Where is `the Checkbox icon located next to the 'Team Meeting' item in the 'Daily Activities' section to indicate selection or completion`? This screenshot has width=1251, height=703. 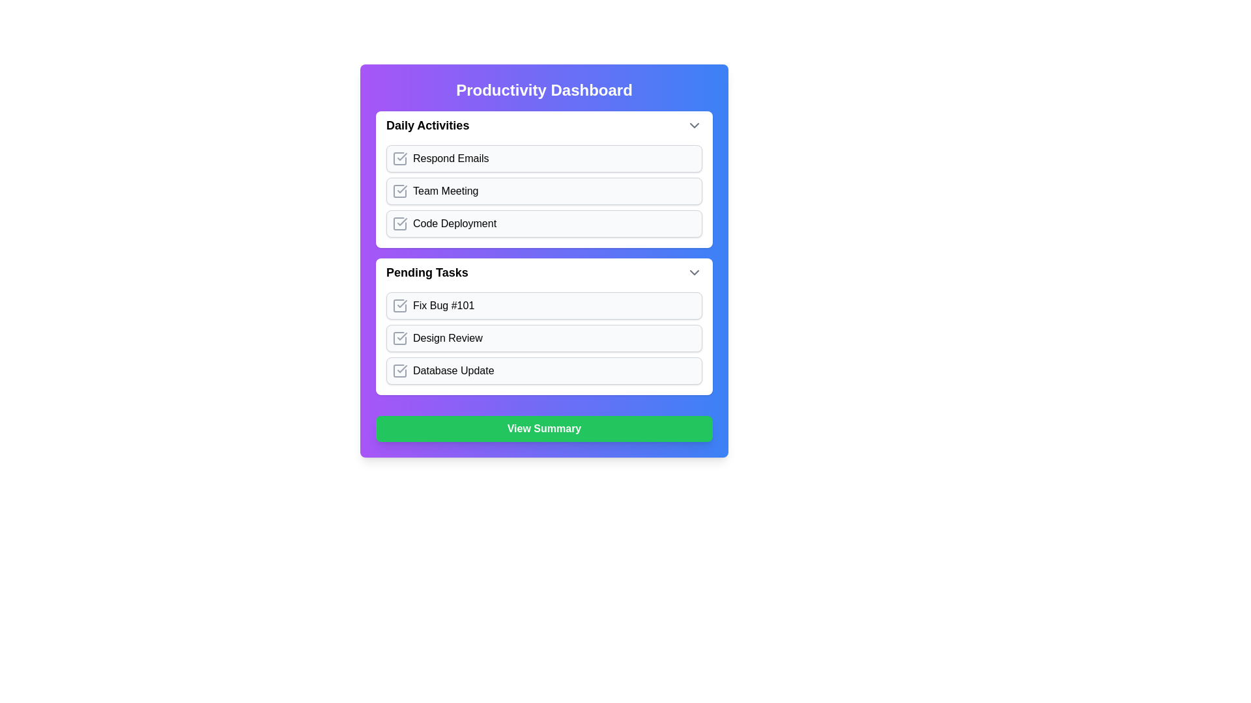
the Checkbox icon located next to the 'Team Meeting' item in the 'Daily Activities' section to indicate selection or completion is located at coordinates (399, 191).